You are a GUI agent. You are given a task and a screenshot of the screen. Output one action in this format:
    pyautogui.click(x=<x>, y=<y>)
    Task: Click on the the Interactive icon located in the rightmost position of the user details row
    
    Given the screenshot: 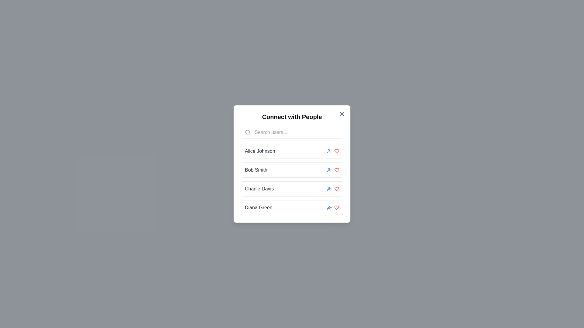 What is the action you would take?
    pyautogui.click(x=336, y=151)
    